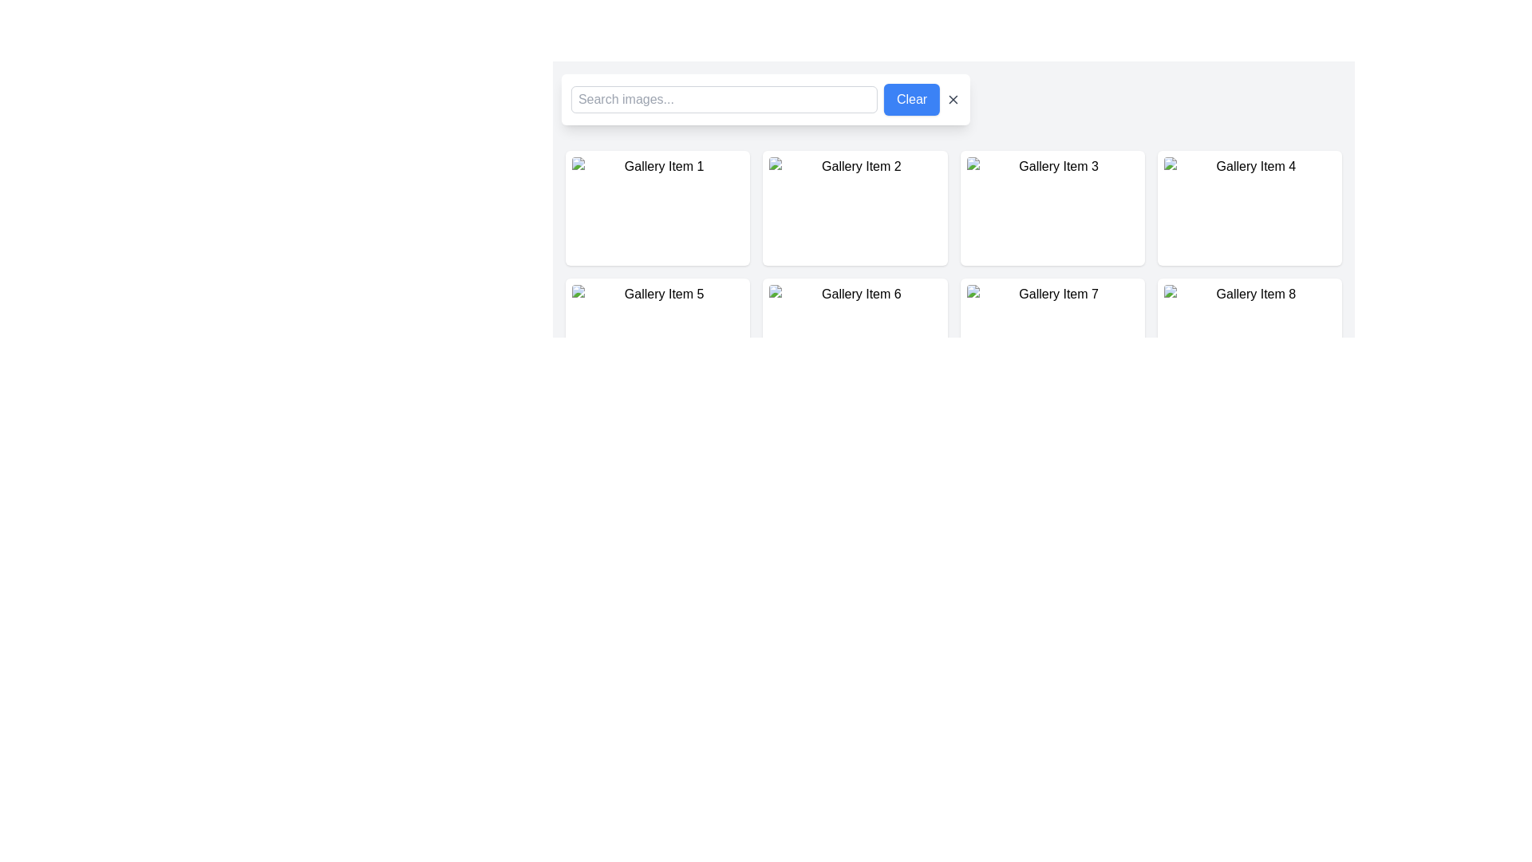 This screenshot has height=862, width=1532. What do you see at coordinates (1052, 208) in the screenshot?
I see `the rectangular card with a white background and an image placeholder labeled 'Gallery Item 3', located in the top row, third column of the grid layout` at bounding box center [1052, 208].